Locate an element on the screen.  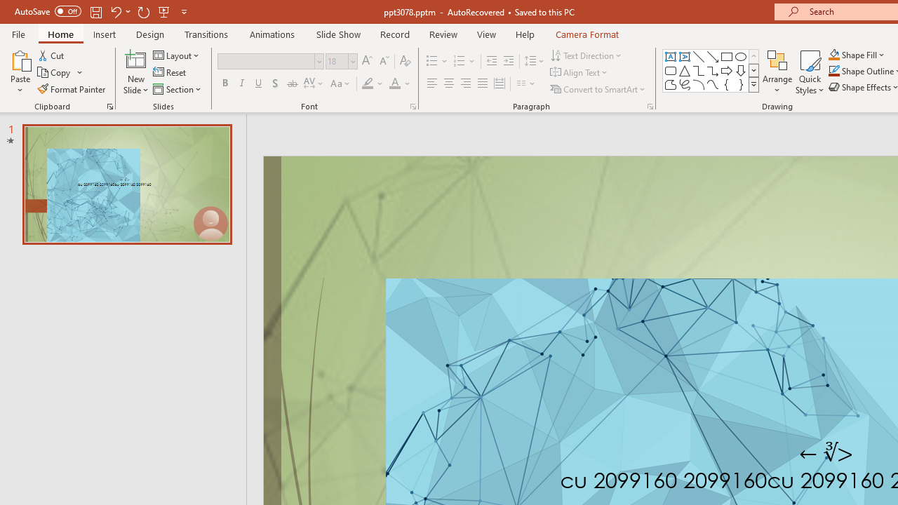
'Quick Styles' is located at coordinates (810, 72).